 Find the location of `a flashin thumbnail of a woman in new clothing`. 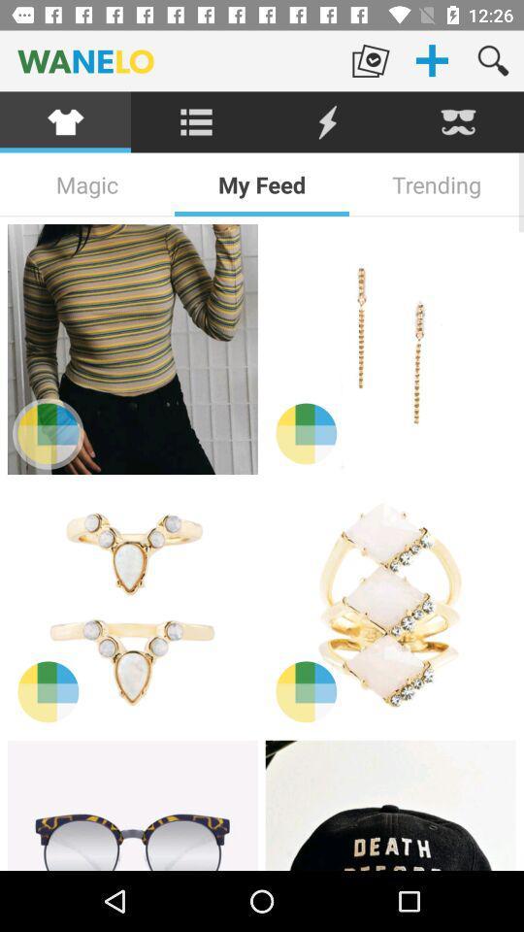

a flashin thumbnail of a woman in new clothing is located at coordinates (390, 349).